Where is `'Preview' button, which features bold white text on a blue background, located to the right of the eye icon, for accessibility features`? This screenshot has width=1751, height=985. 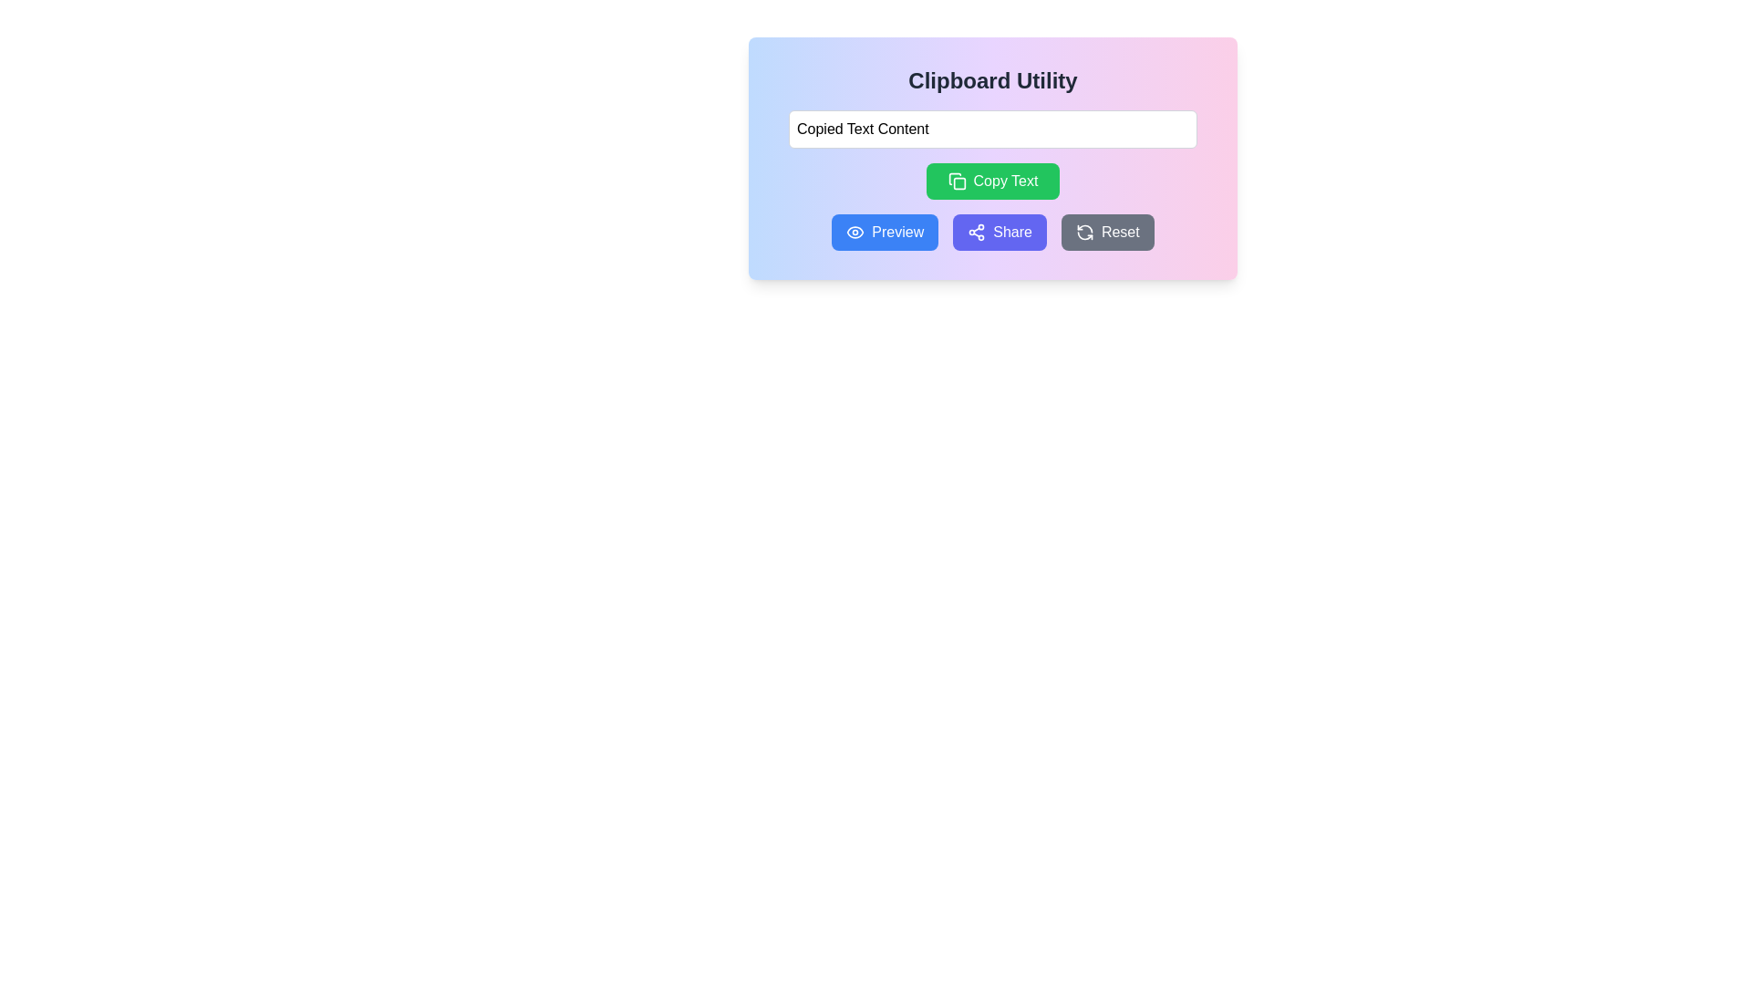
'Preview' button, which features bold white text on a blue background, located to the right of the eye icon, for accessibility features is located at coordinates (897, 231).